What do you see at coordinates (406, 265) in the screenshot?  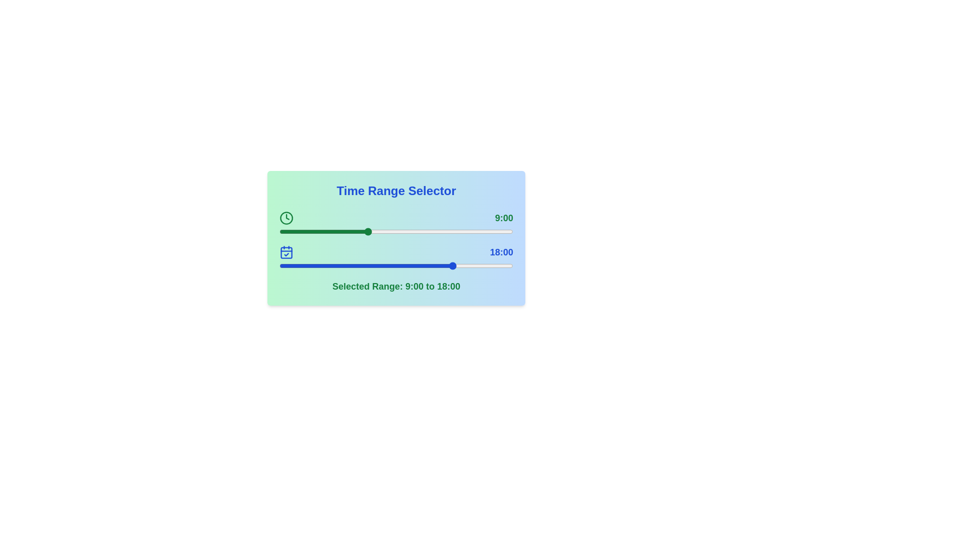 I see `the time` at bounding box center [406, 265].